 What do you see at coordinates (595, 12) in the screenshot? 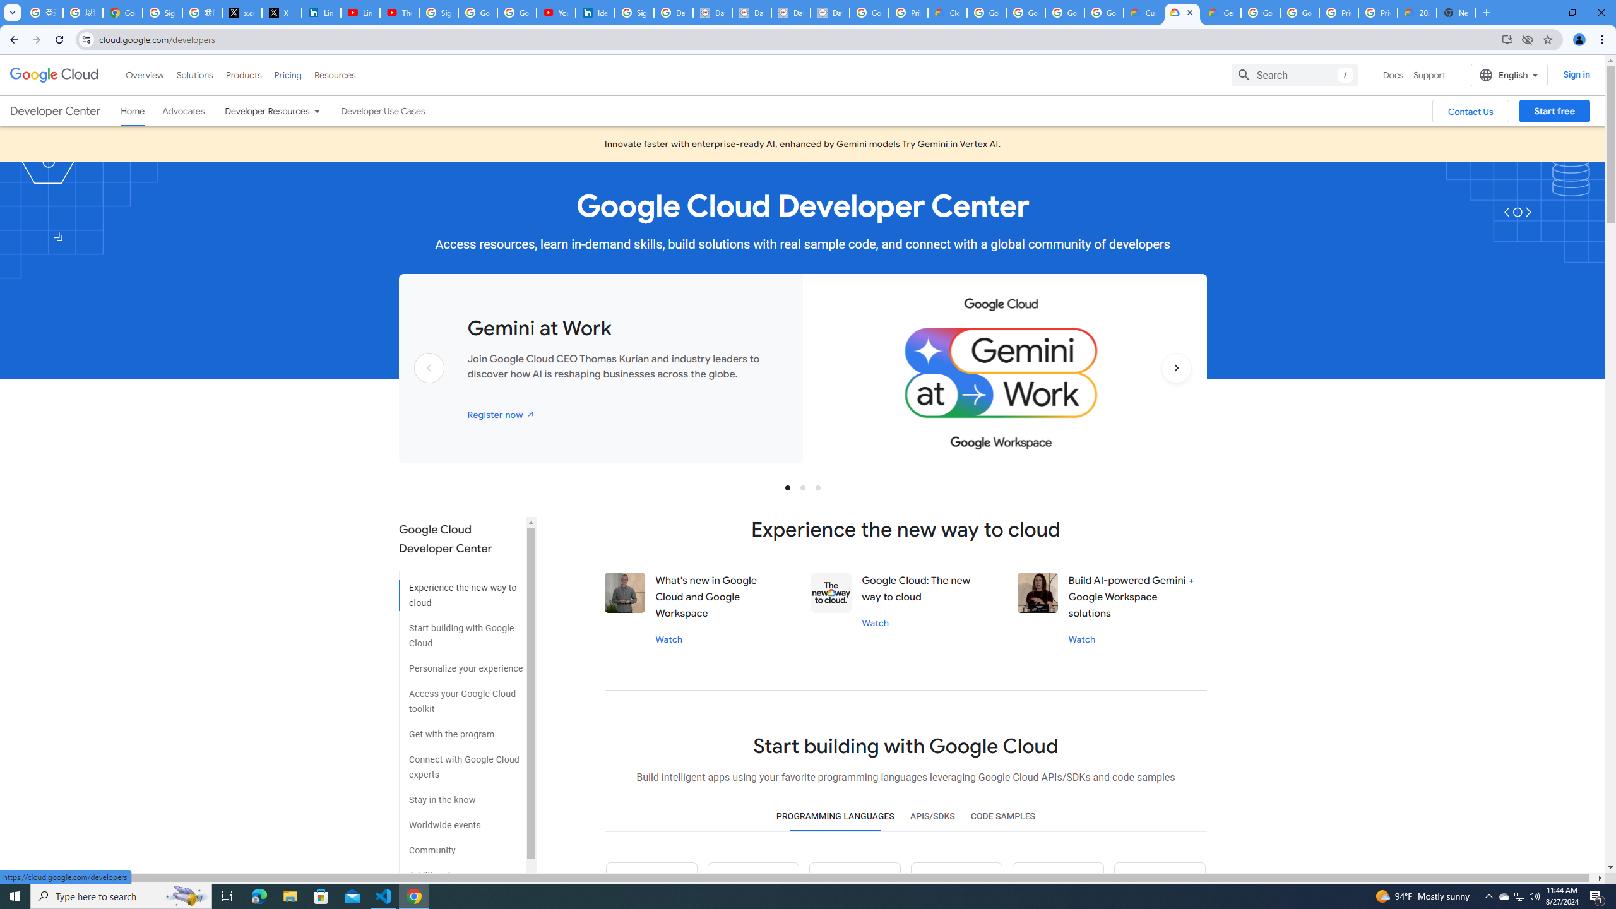
I see `'Identity verification via Persona | LinkedIn Help'` at bounding box center [595, 12].